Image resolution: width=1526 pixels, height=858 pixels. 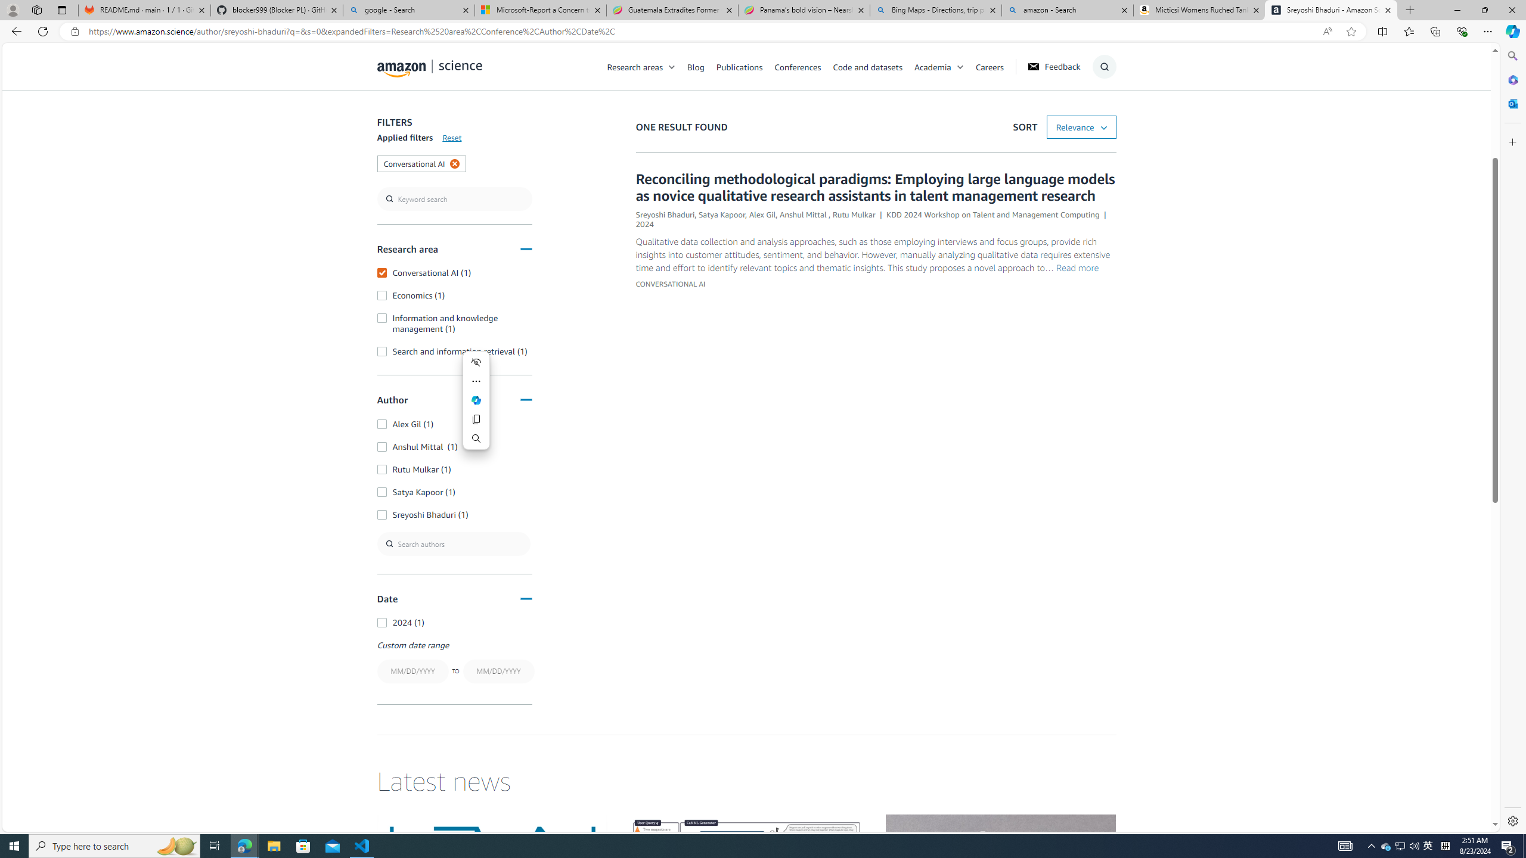 What do you see at coordinates (647, 66) in the screenshot?
I see `'Research areas'` at bounding box center [647, 66].